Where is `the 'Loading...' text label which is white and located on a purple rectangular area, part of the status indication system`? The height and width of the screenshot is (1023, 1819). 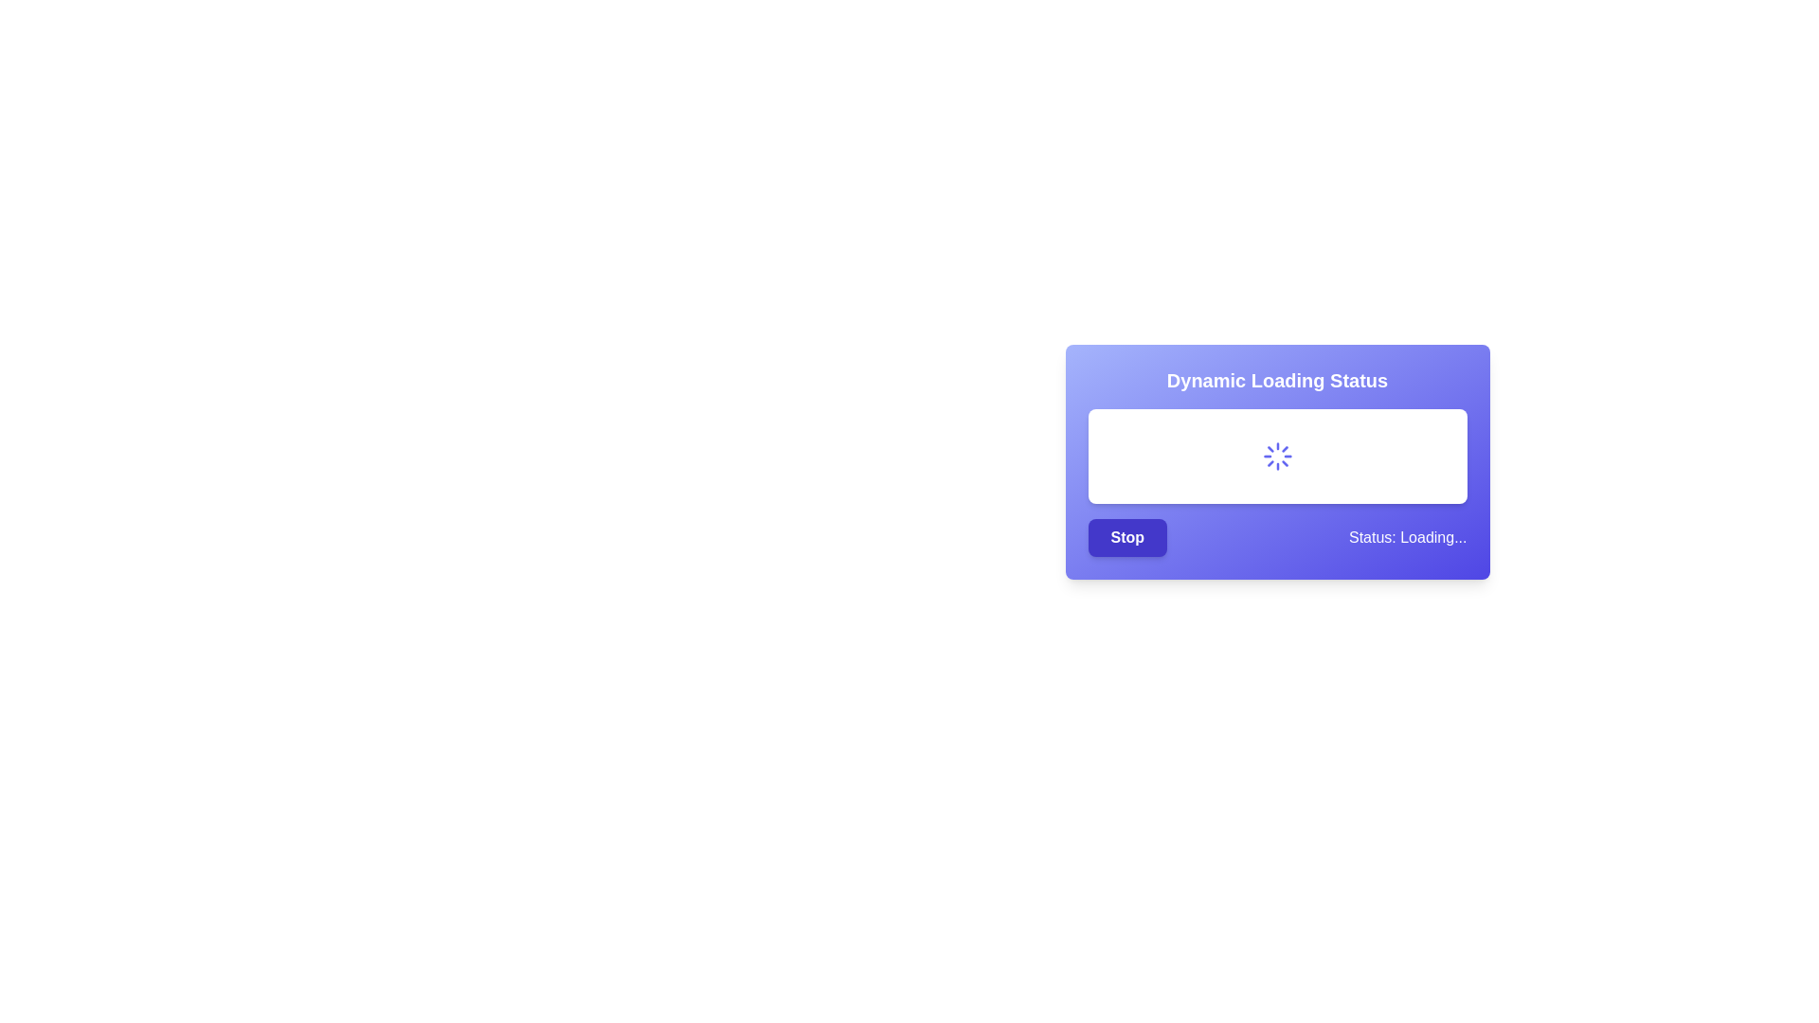 the 'Loading...' text label which is white and located on a purple rectangular area, part of the status indication system is located at coordinates (1433, 537).